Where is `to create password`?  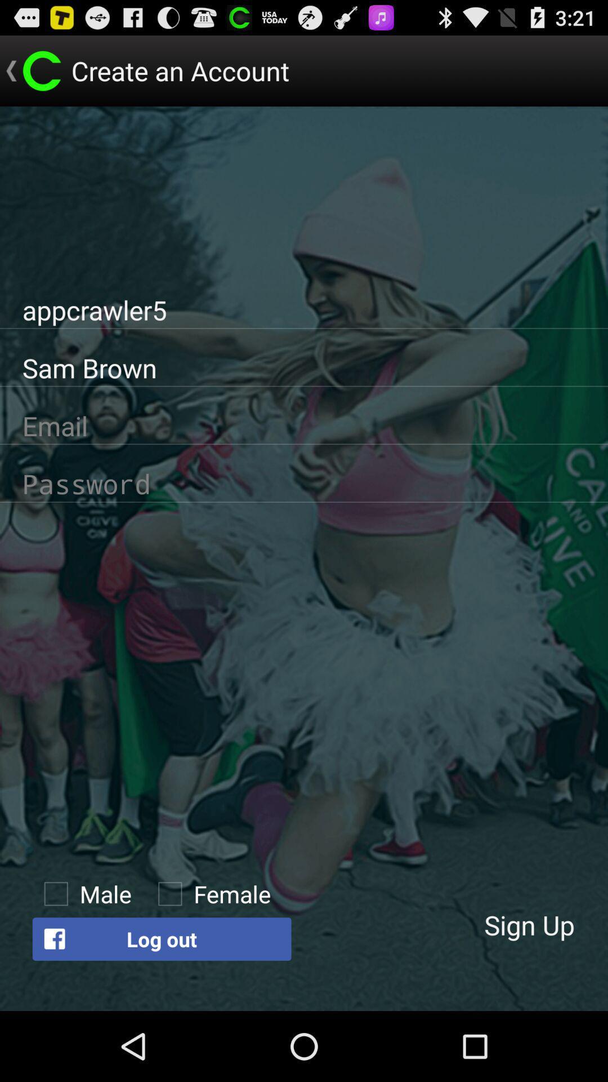 to create password is located at coordinates (304, 484).